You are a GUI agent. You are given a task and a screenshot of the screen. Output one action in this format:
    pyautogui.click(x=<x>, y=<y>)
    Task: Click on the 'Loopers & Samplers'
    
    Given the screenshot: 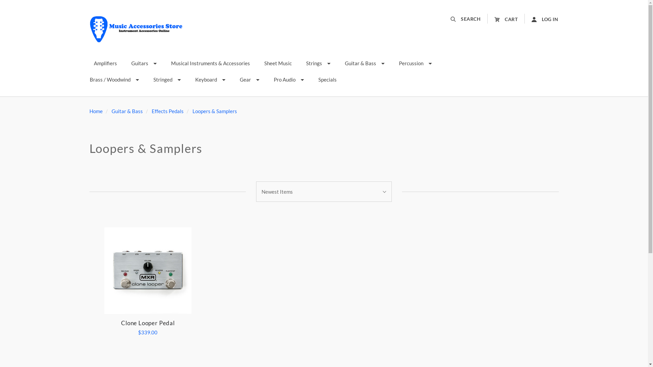 What is the action you would take?
    pyautogui.click(x=214, y=111)
    